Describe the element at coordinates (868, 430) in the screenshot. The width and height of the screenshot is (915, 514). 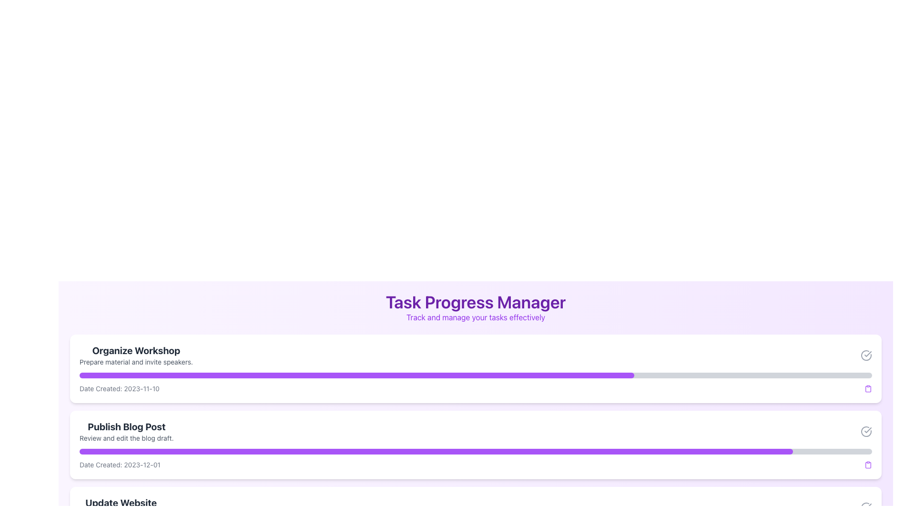
I see `the checkmark icon representing the completion status of the task in the 'Organize Workshop' section of the task management interface` at that location.